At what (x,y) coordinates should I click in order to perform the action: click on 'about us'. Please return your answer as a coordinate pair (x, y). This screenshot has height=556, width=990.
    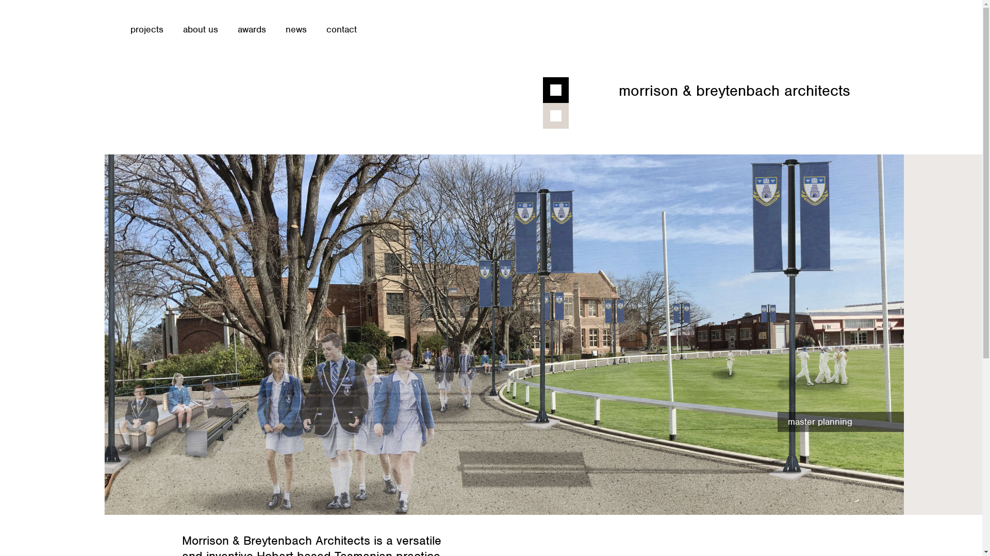
    Looking at the image, I should click on (183, 29).